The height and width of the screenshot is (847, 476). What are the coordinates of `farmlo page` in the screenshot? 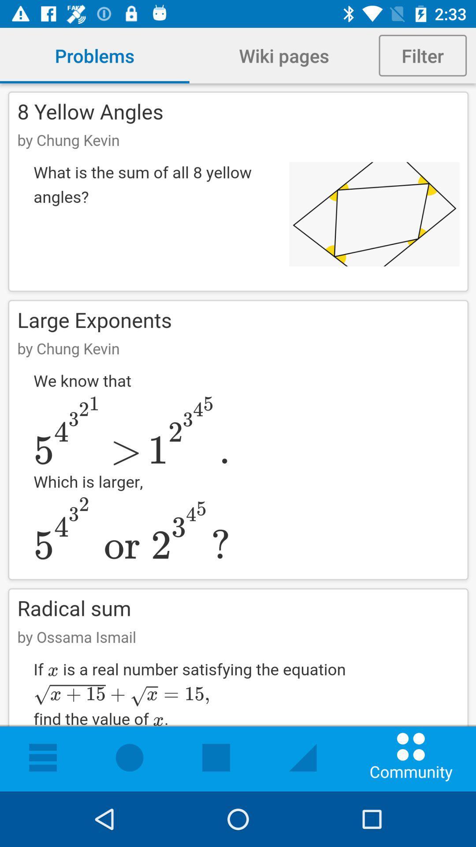 It's located at (238, 437).